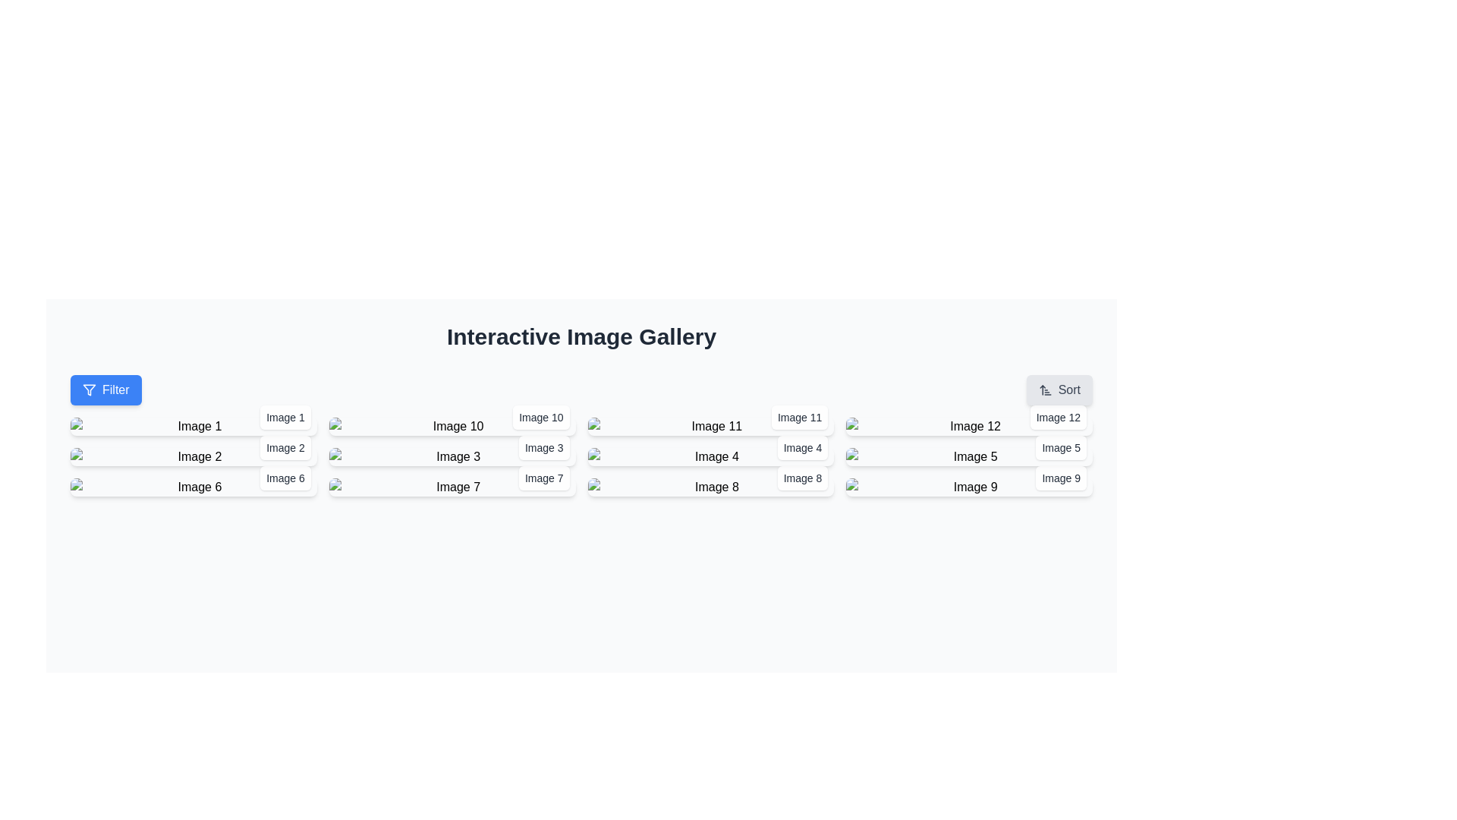 The image size is (1457, 820). What do you see at coordinates (541, 418) in the screenshot?
I see `the static text label that serves as a descriptor for the 'Image 10' box, located in the second row and second column of the image grid layout` at bounding box center [541, 418].